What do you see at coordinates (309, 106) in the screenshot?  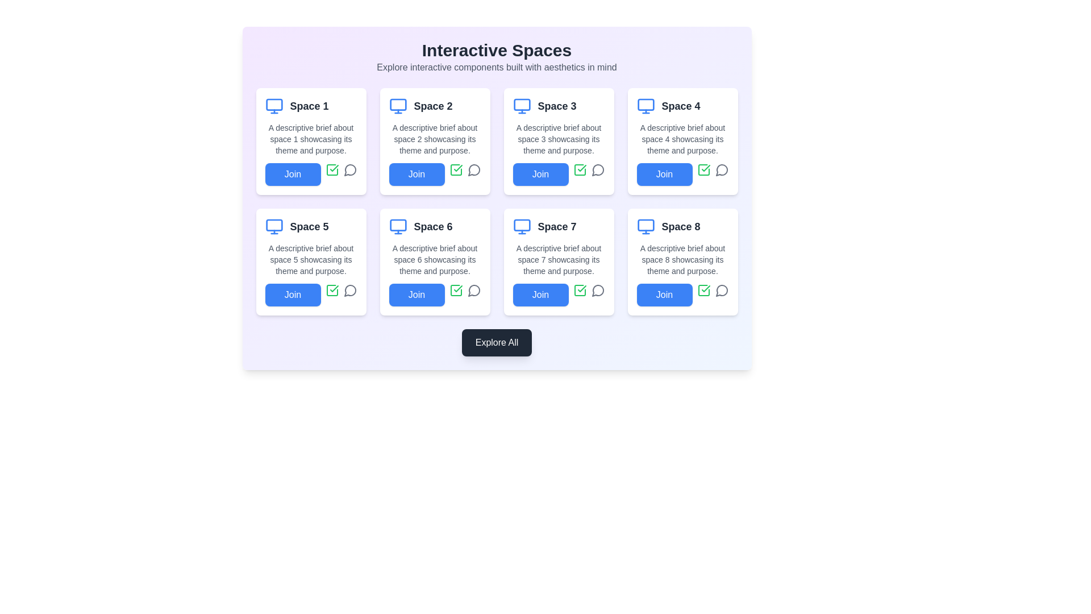 I see `the 'Space 1' text label, which is a bold dark gray label on a light background in the first card of a grid layout` at bounding box center [309, 106].